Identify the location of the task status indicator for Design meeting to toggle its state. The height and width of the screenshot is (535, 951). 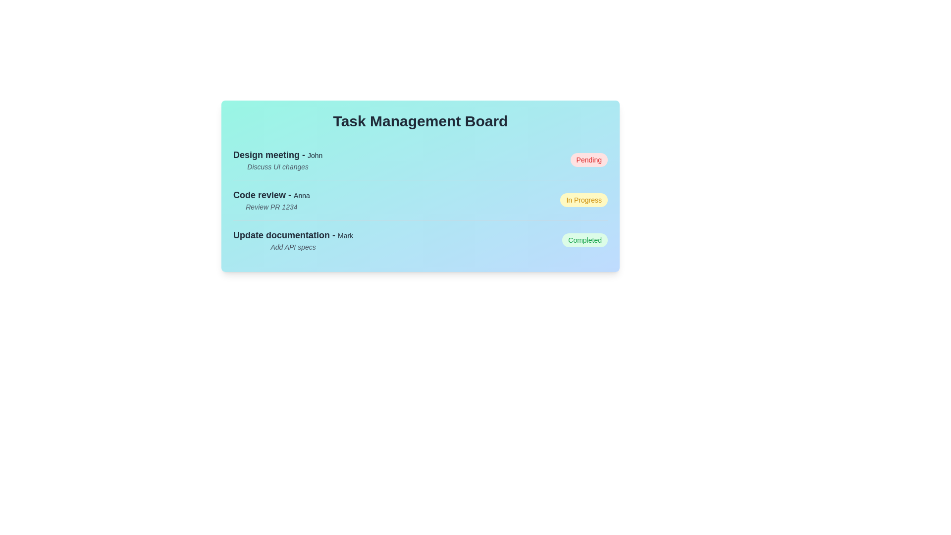
(589, 160).